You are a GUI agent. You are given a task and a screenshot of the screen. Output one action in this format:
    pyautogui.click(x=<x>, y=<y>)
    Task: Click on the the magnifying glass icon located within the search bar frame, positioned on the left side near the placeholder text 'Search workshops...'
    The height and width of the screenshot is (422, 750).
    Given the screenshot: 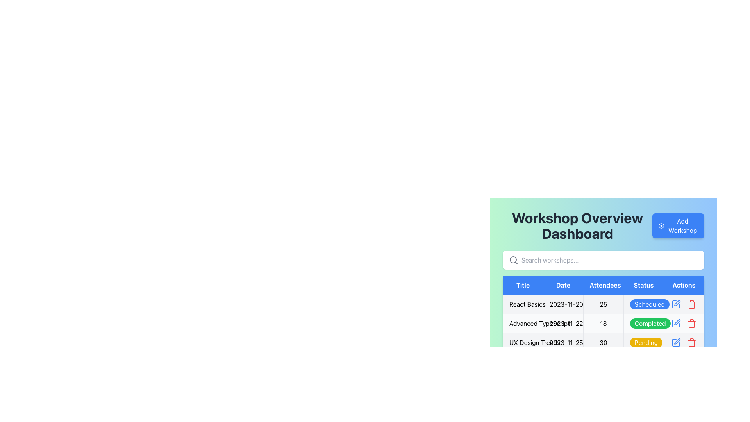 What is the action you would take?
    pyautogui.click(x=514, y=260)
    